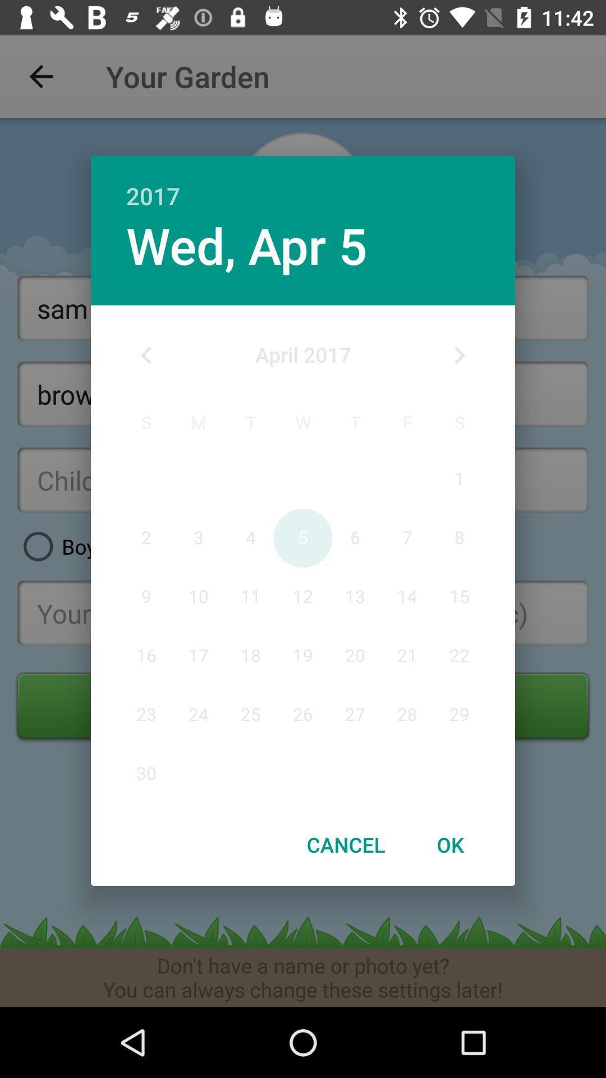 This screenshot has height=1078, width=606. Describe the element at coordinates (449, 844) in the screenshot. I see `the ok item` at that location.